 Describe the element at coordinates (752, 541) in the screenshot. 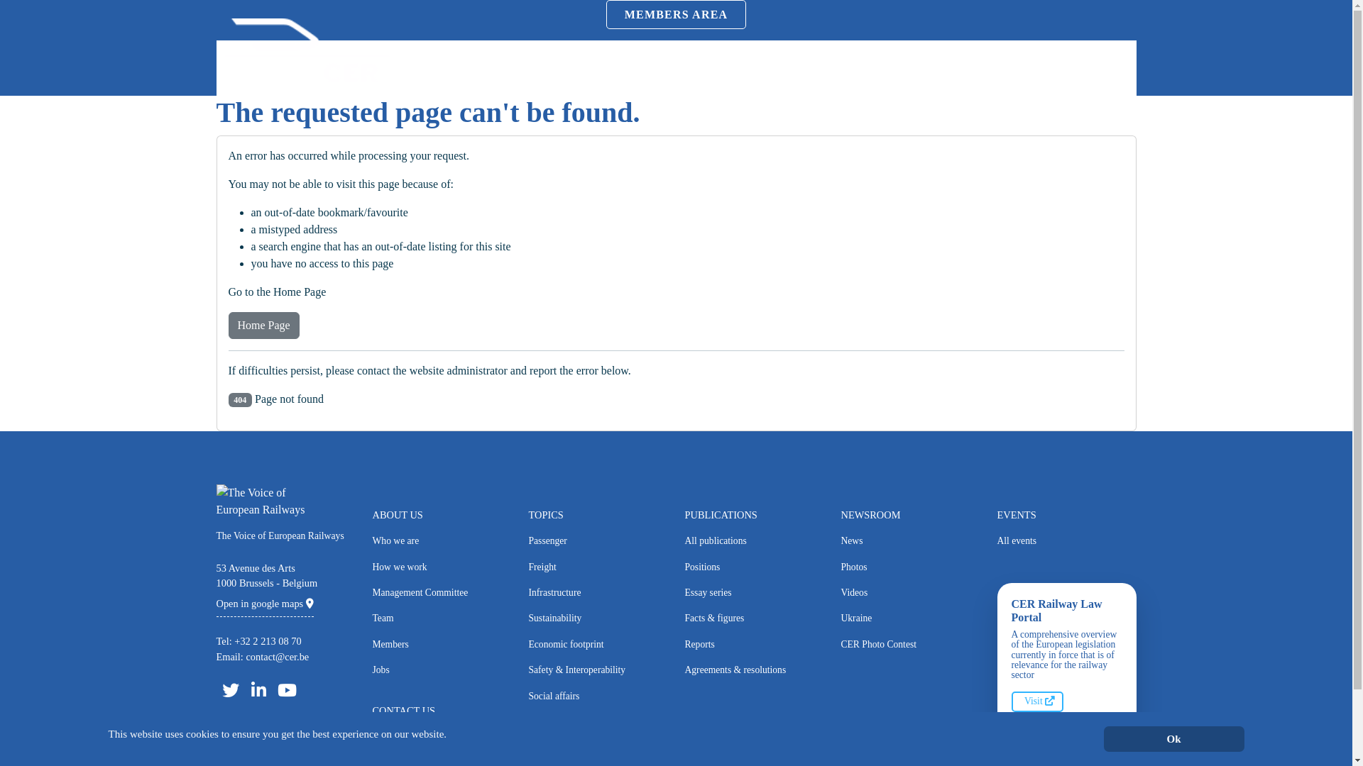

I see `'All publications'` at that location.